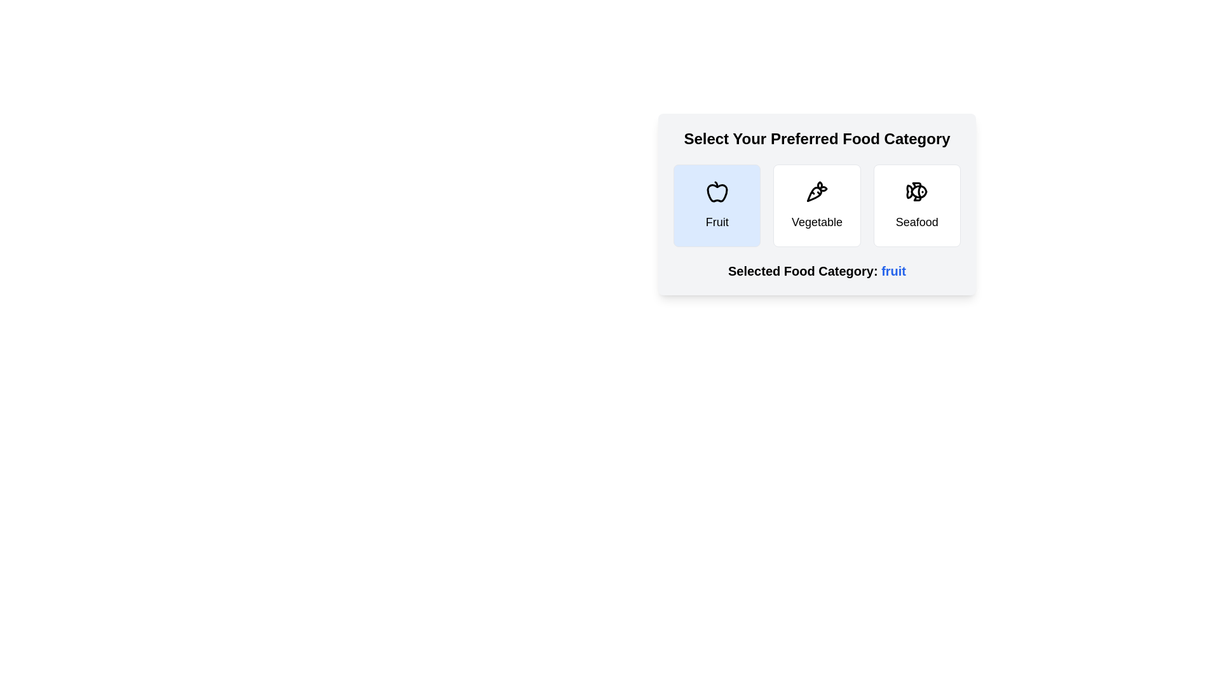  Describe the element at coordinates (817, 191) in the screenshot. I see `the carrot icon, which is a black outline illustration located within the 'Vegetable' card section, visually centered above the 'Vegetable' text` at that location.